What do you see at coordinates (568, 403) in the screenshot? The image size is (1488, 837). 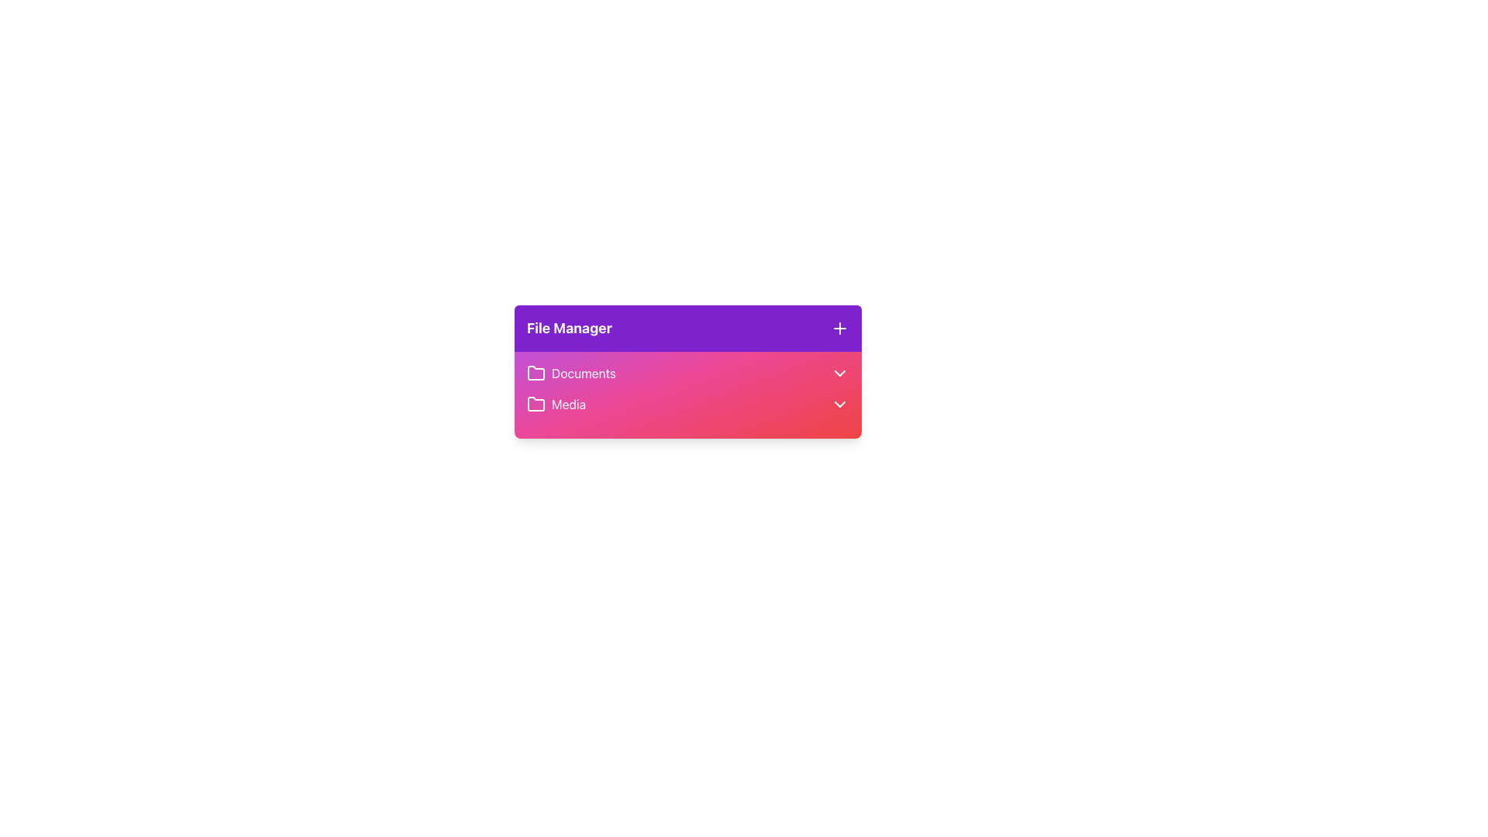 I see `the 'Media' text label, which is the second entry in a vertical list within a card layout` at bounding box center [568, 403].